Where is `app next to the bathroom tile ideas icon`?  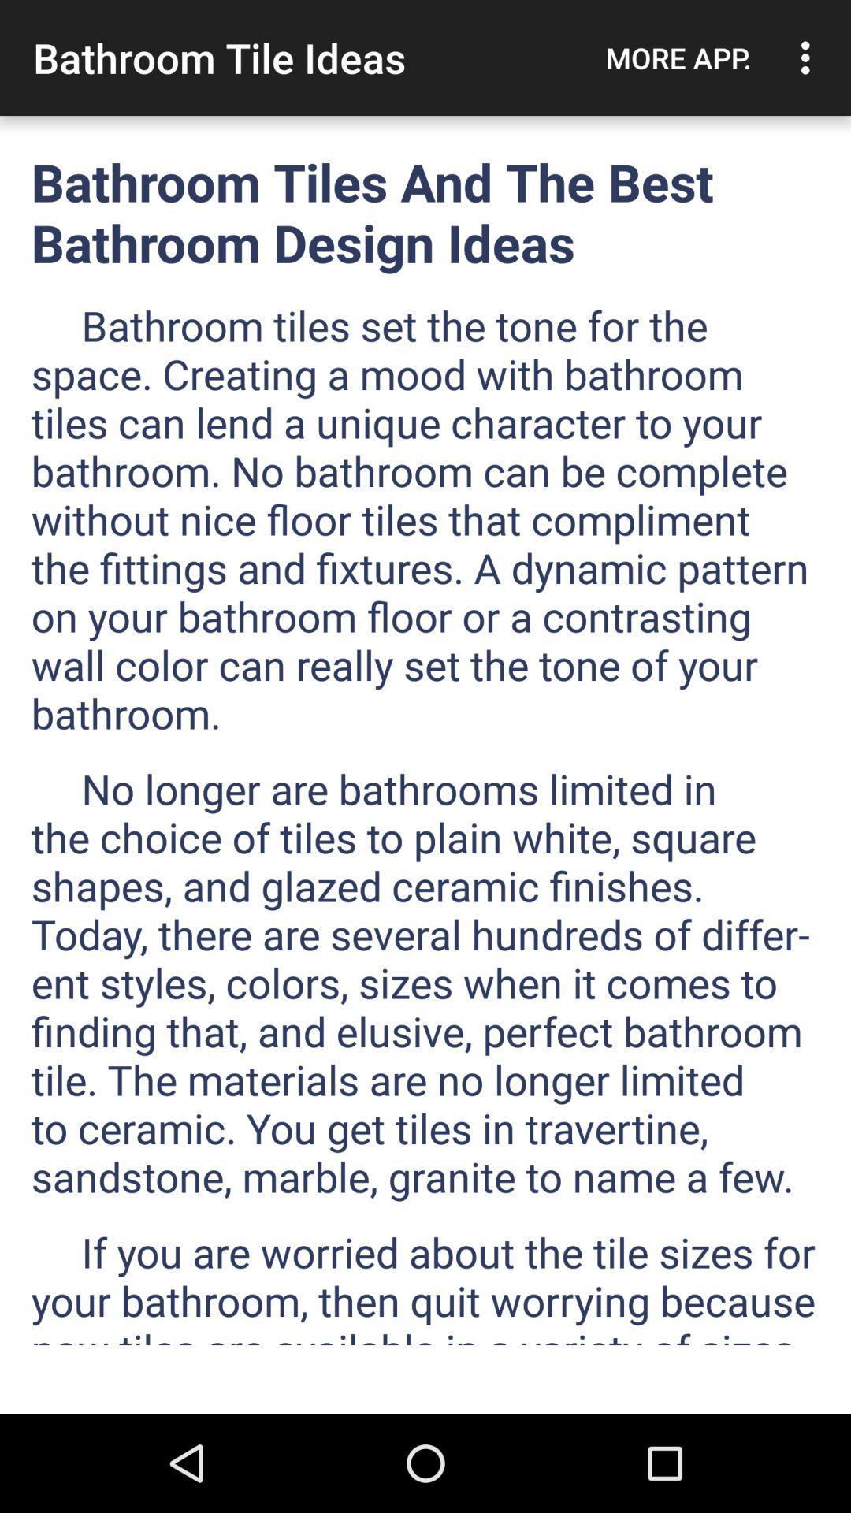 app next to the bathroom tile ideas icon is located at coordinates (678, 58).